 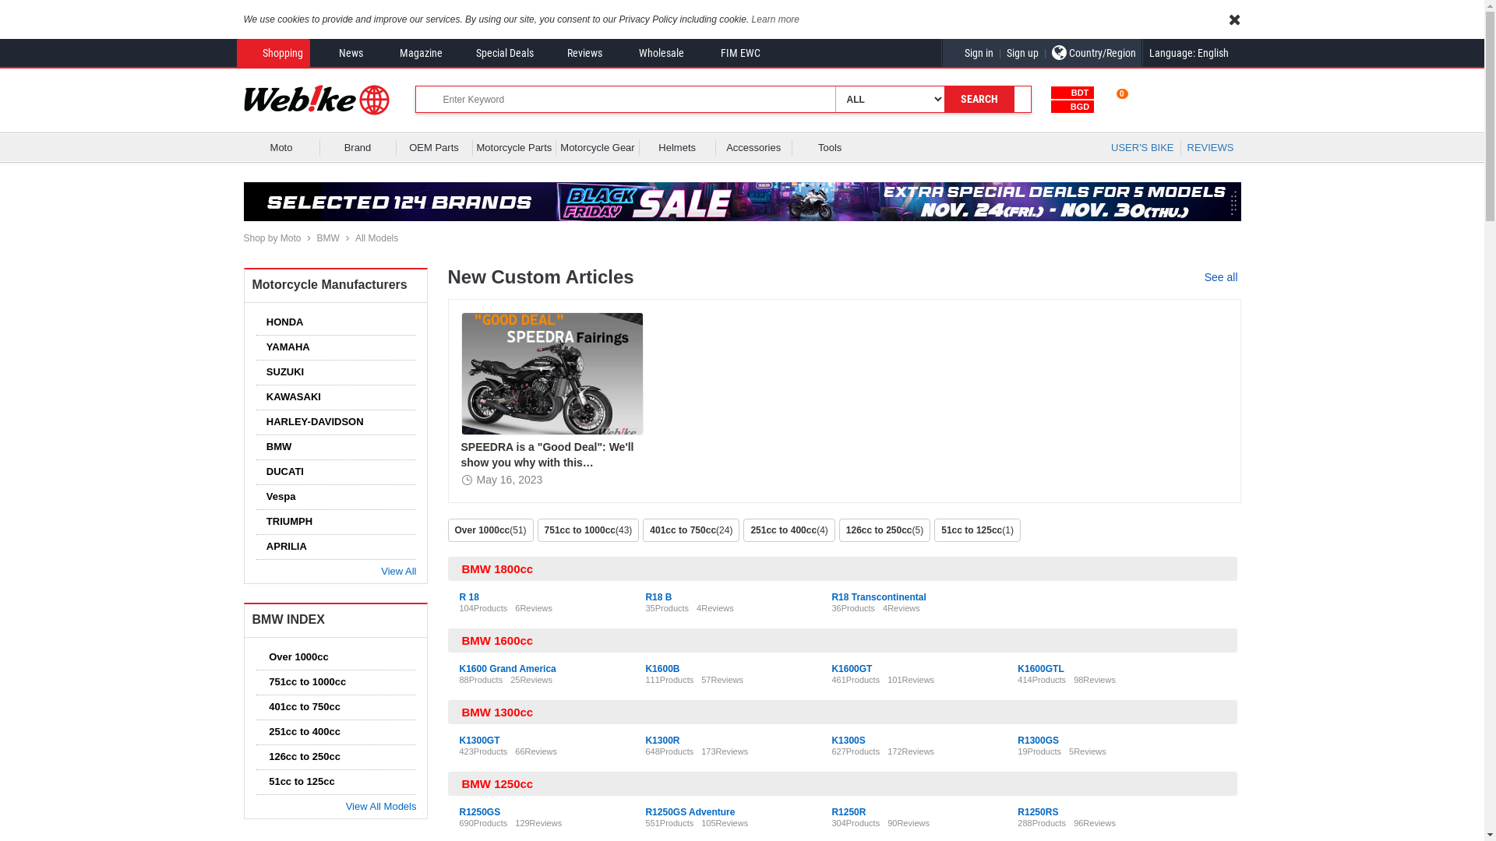 What do you see at coordinates (677, 147) in the screenshot?
I see `'Helmets'` at bounding box center [677, 147].